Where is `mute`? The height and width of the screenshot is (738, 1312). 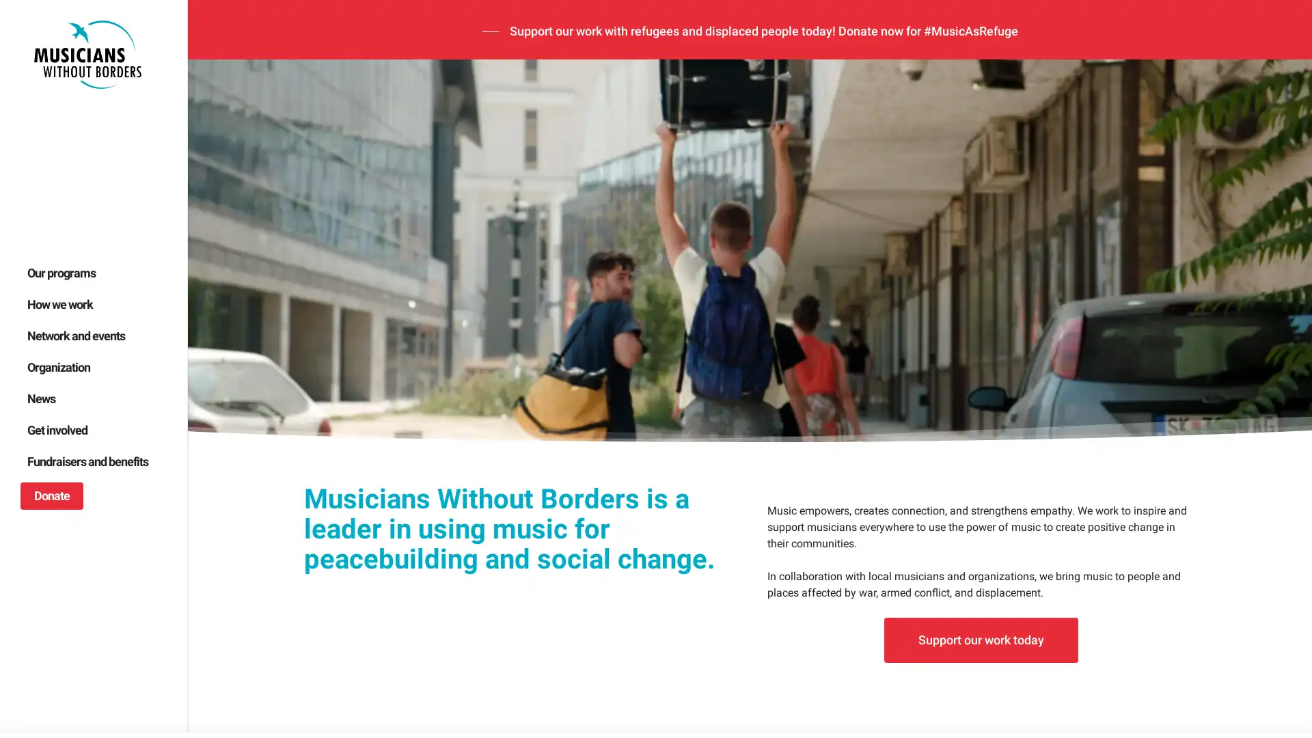
mute is located at coordinates (1190, 541).